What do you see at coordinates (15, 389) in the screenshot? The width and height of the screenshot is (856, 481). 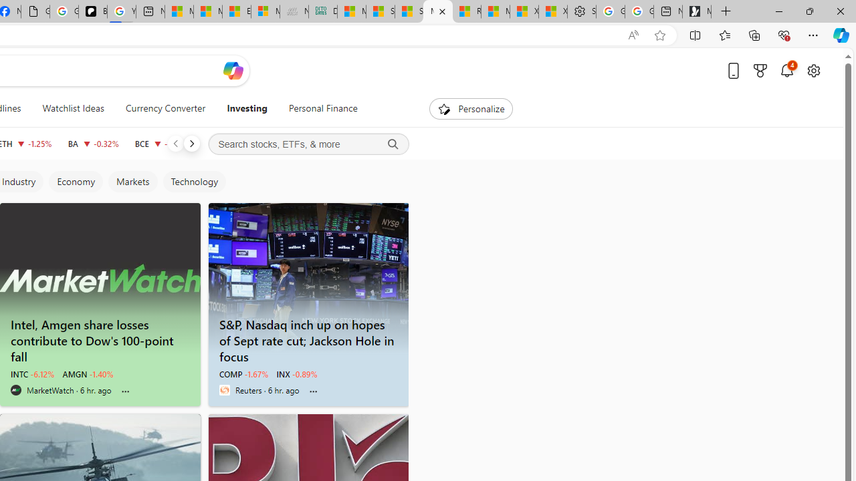 I see `'MarketWatch'` at bounding box center [15, 389].